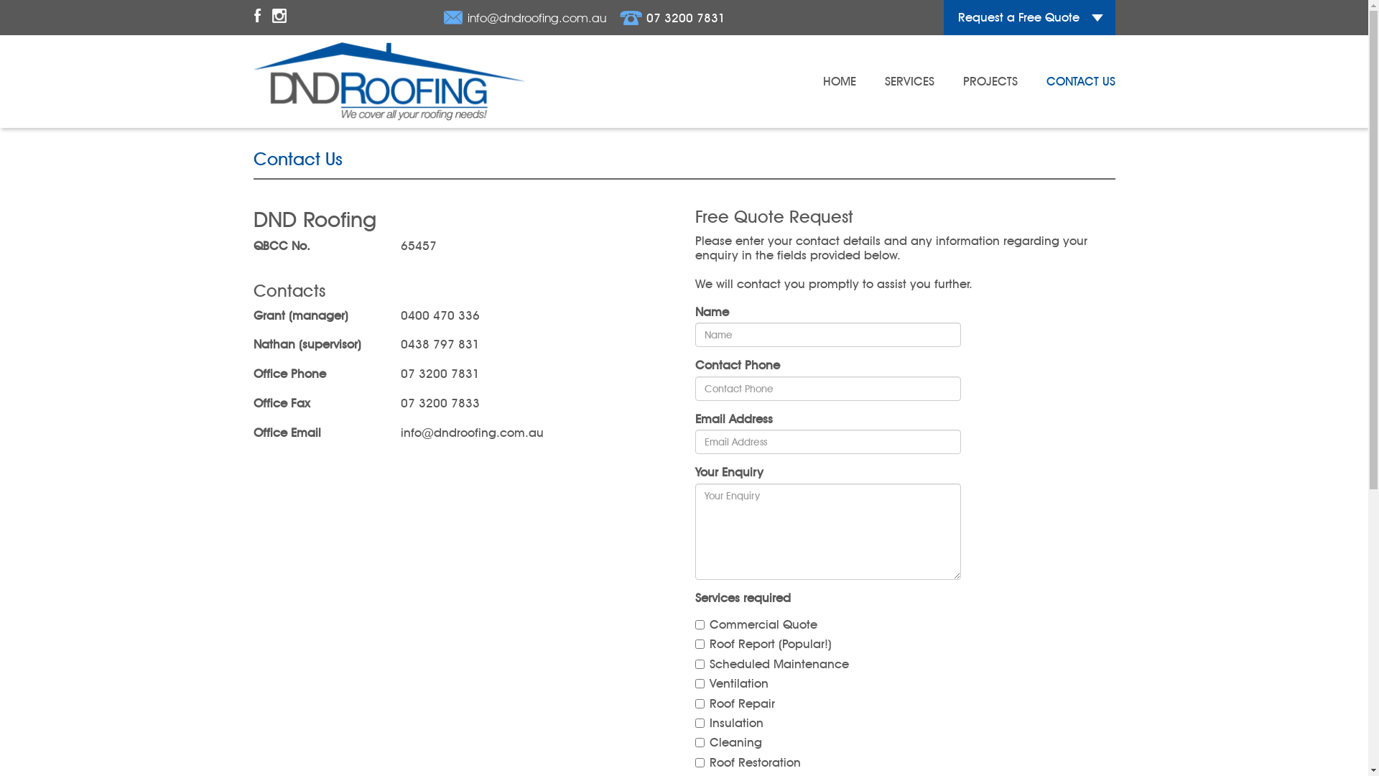  Describe the element at coordinates (840, 80) in the screenshot. I see `'HOME'` at that location.